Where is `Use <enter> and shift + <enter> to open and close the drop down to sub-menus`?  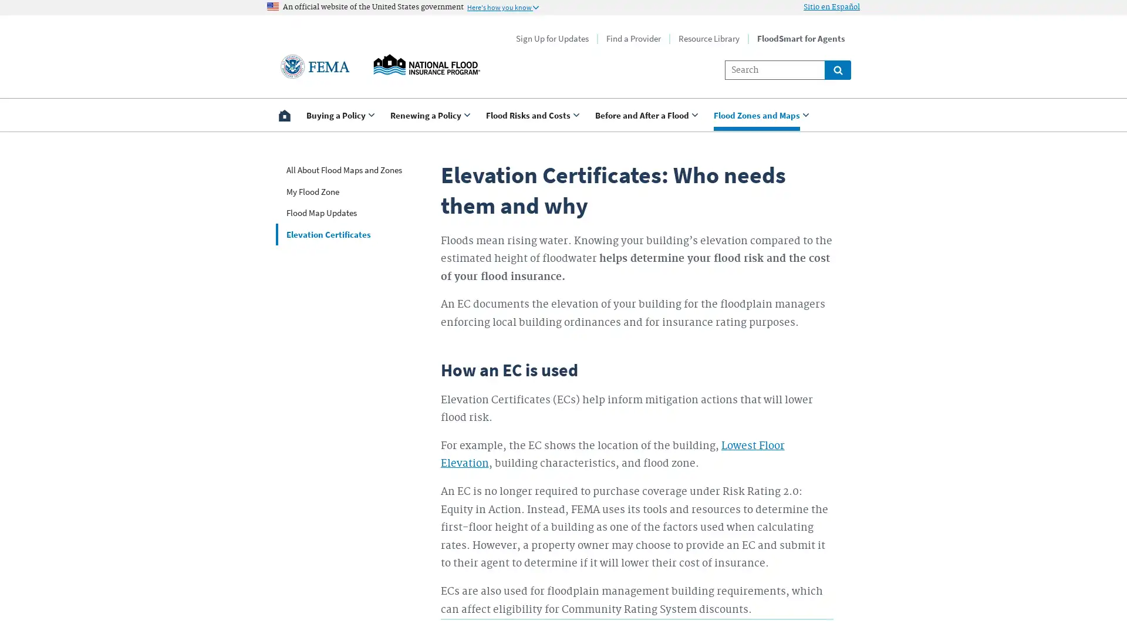 Use <enter> and shift + <enter> to open and close the drop down to sub-menus is located at coordinates (342, 114).